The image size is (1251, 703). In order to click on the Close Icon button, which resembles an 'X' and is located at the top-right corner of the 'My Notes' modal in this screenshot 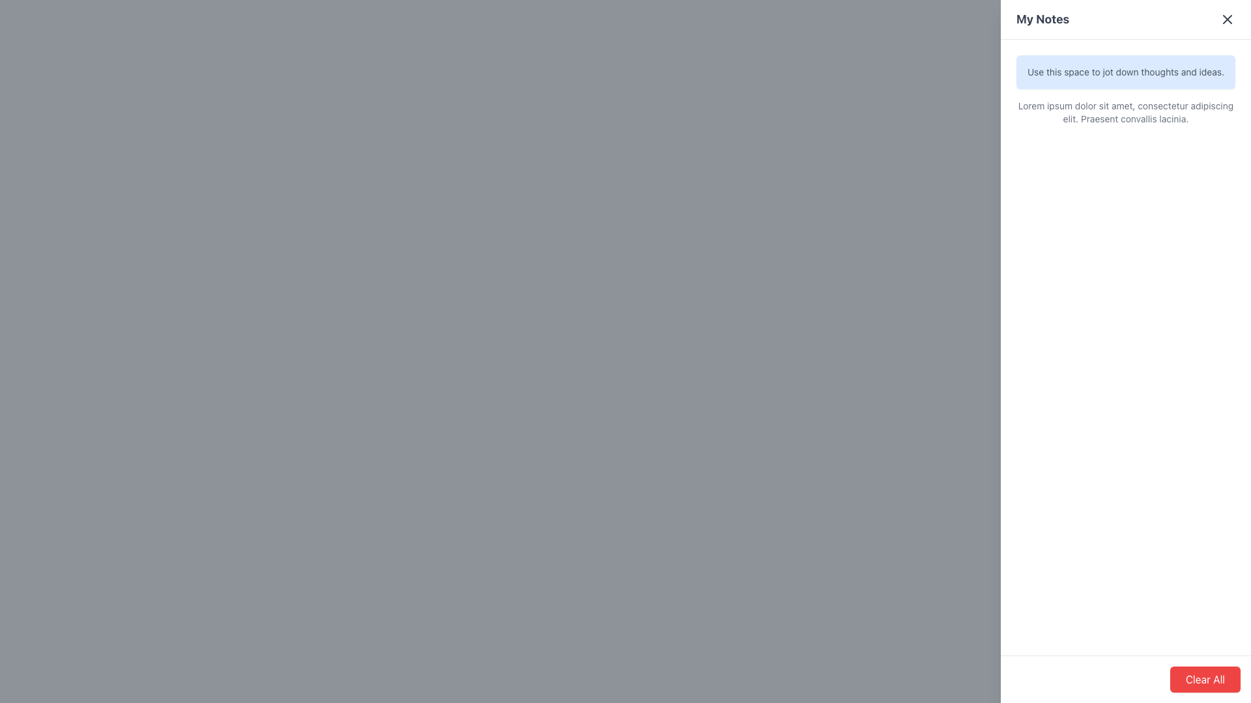, I will do `click(1226, 20)`.